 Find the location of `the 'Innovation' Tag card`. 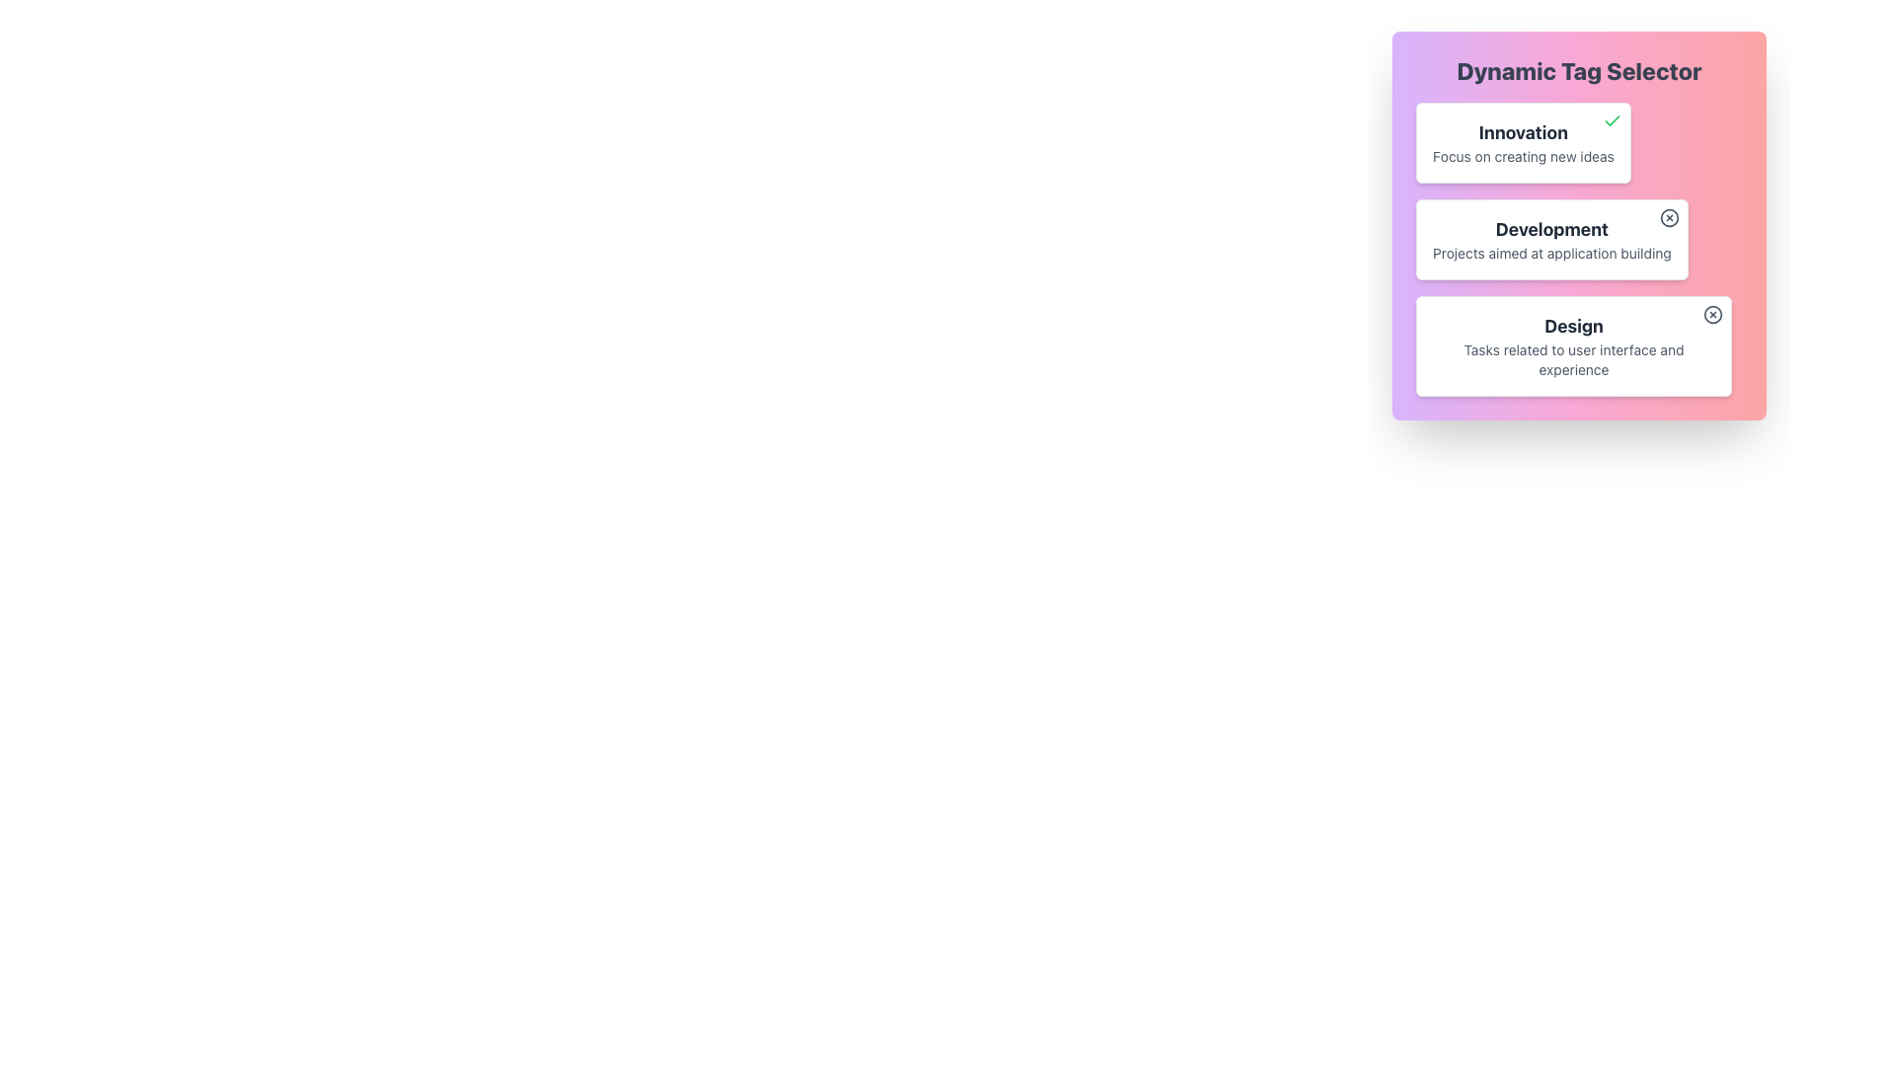

the 'Innovation' Tag card is located at coordinates (1522, 142).